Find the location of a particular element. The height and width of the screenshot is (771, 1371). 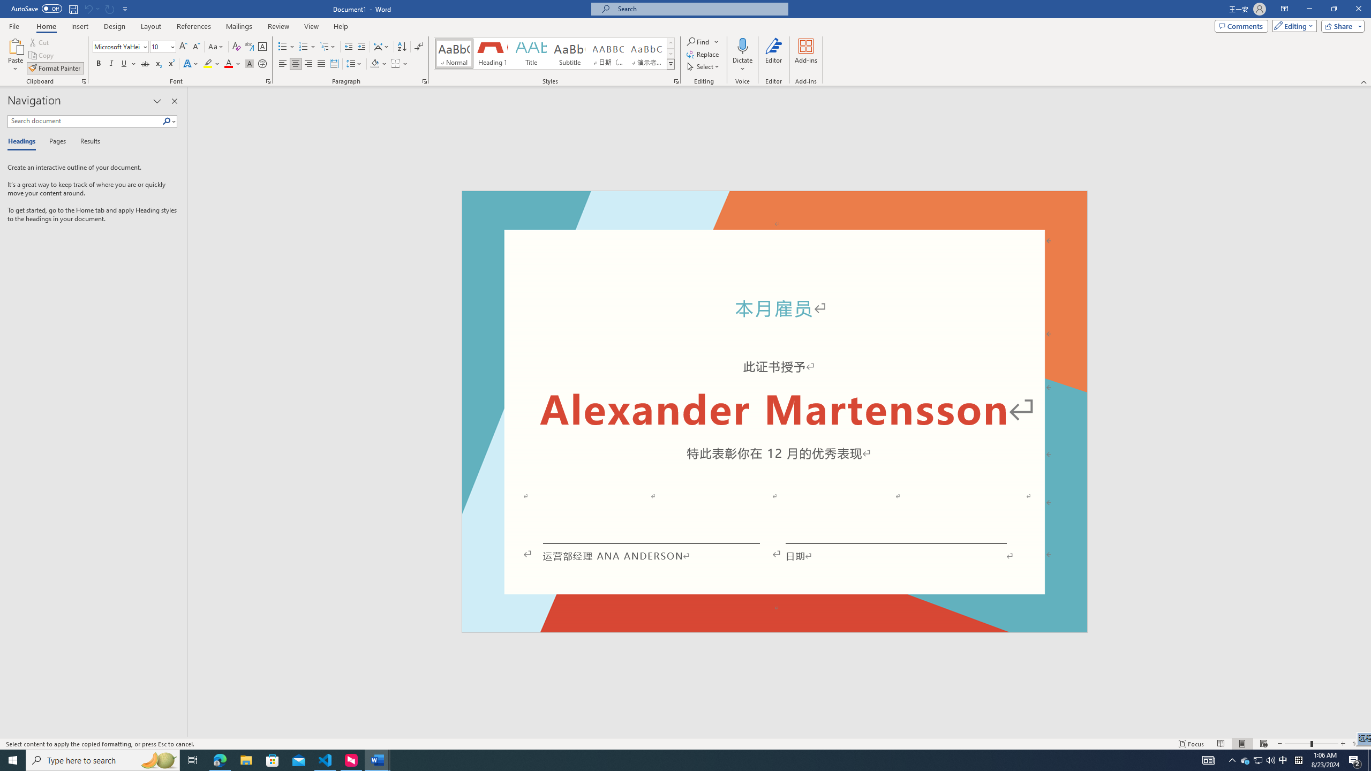

'Web Layout' is located at coordinates (1264, 744).